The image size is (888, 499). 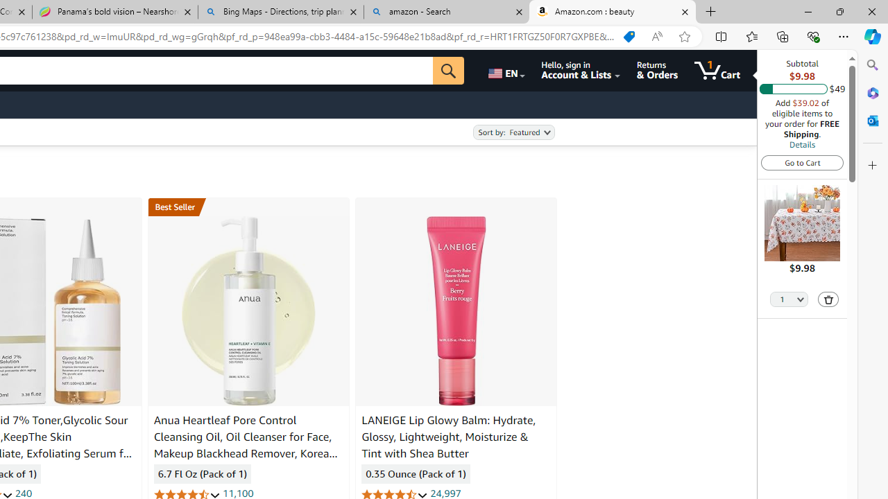 What do you see at coordinates (828, 298) in the screenshot?
I see `'Delete'` at bounding box center [828, 298].